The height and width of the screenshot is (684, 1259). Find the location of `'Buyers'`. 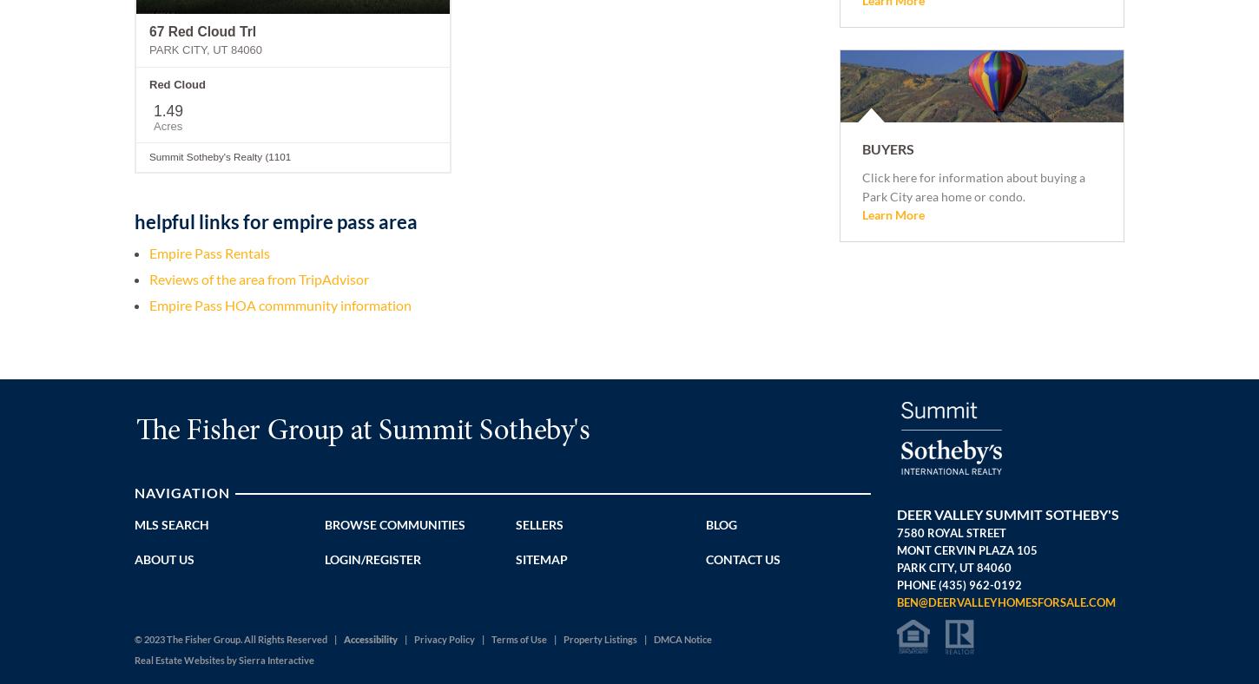

'Buyers' is located at coordinates (887, 148).